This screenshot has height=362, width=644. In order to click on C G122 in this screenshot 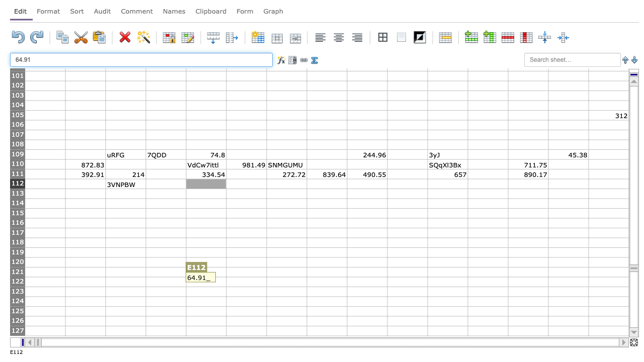, I will do `click(286, 282)`.